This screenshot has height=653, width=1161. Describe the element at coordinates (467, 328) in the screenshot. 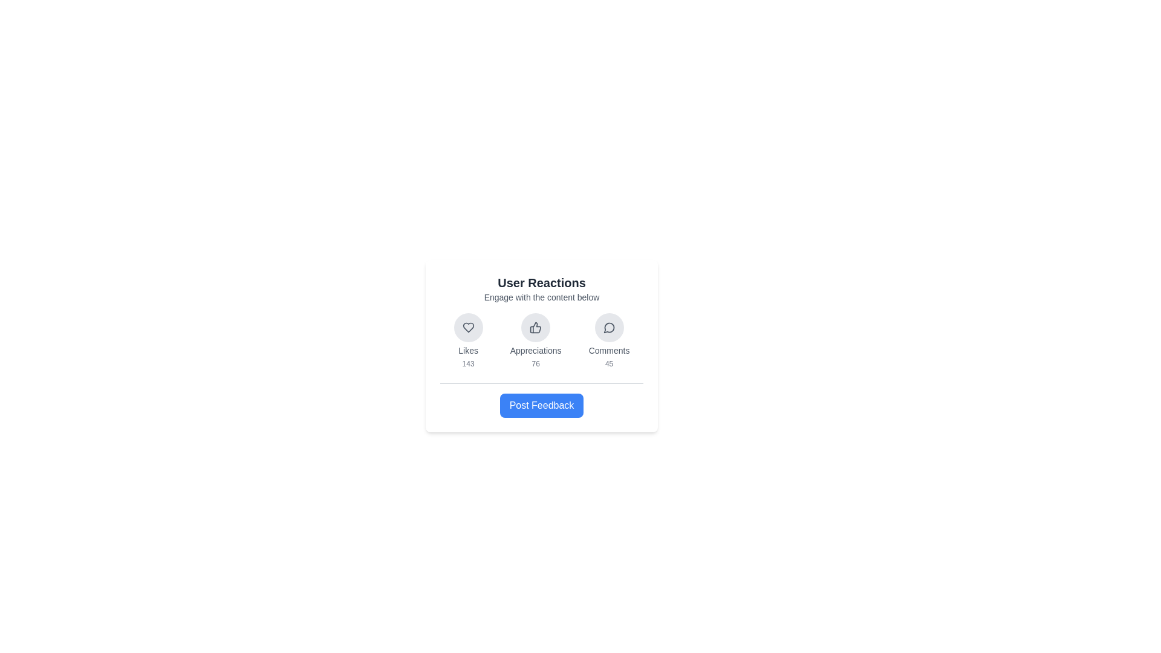

I see `the 'Likes' icon located on the leftmost side of the horizontal row of user reaction icons, directly below the 'Likes' label, as part of a larger feedback mechanism` at that location.